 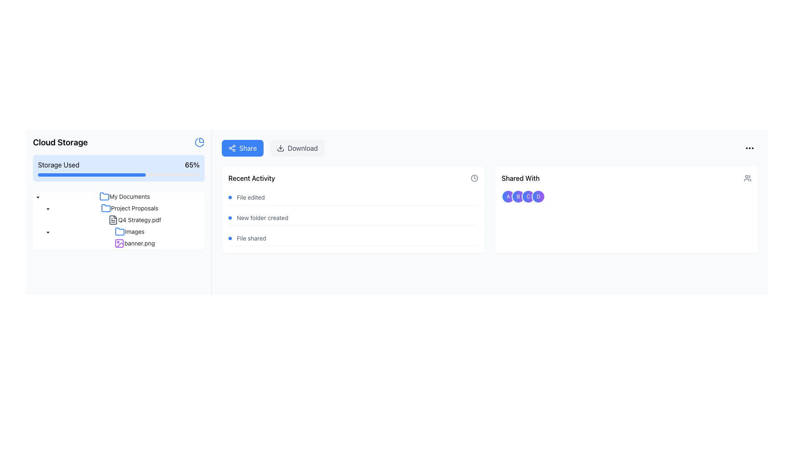 I want to click on the purple image icon labeled 'banner.png' located in the 'Cloud Storage' section under the 'Images' folder, so click(x=119, y=243).